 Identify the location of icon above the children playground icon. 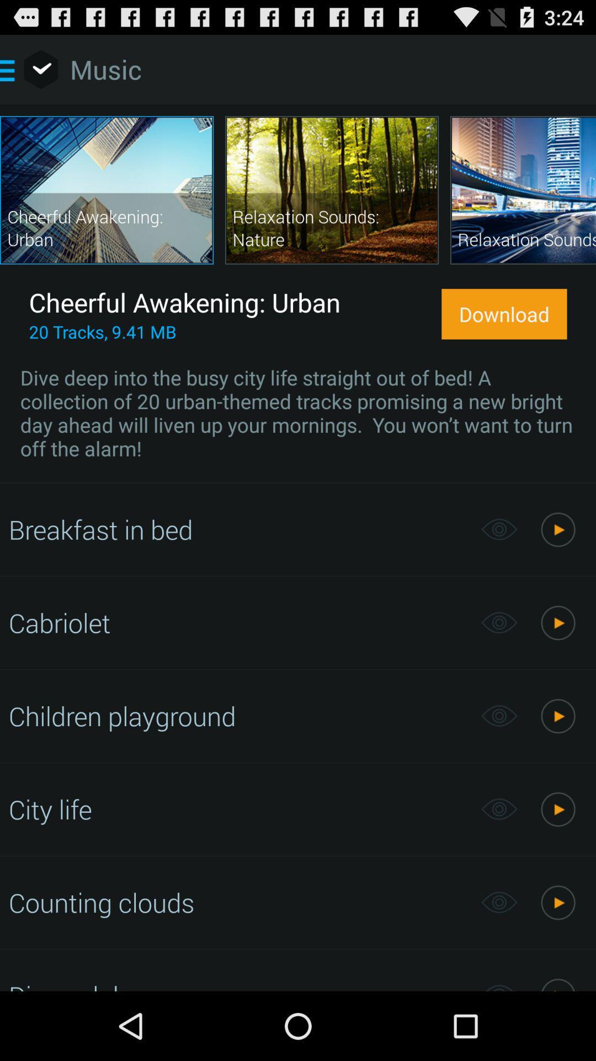
(238, 622).